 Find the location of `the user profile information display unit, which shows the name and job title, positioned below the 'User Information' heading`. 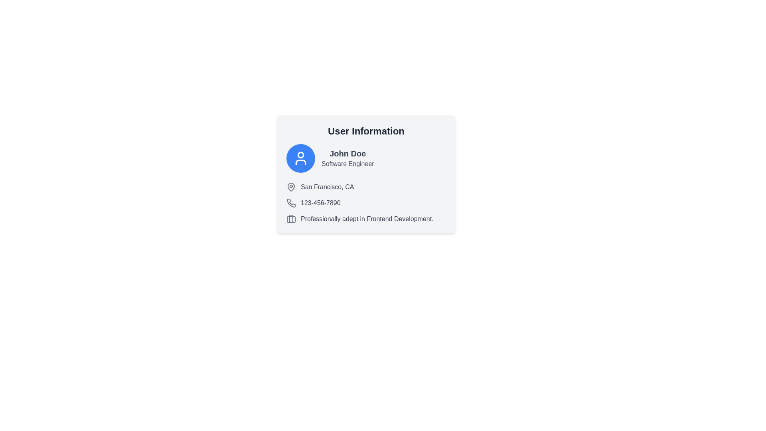

the user profile information display unit, which shows the name and job title, positioned below the 'User Information' heading is located at coordinates (365, 158).